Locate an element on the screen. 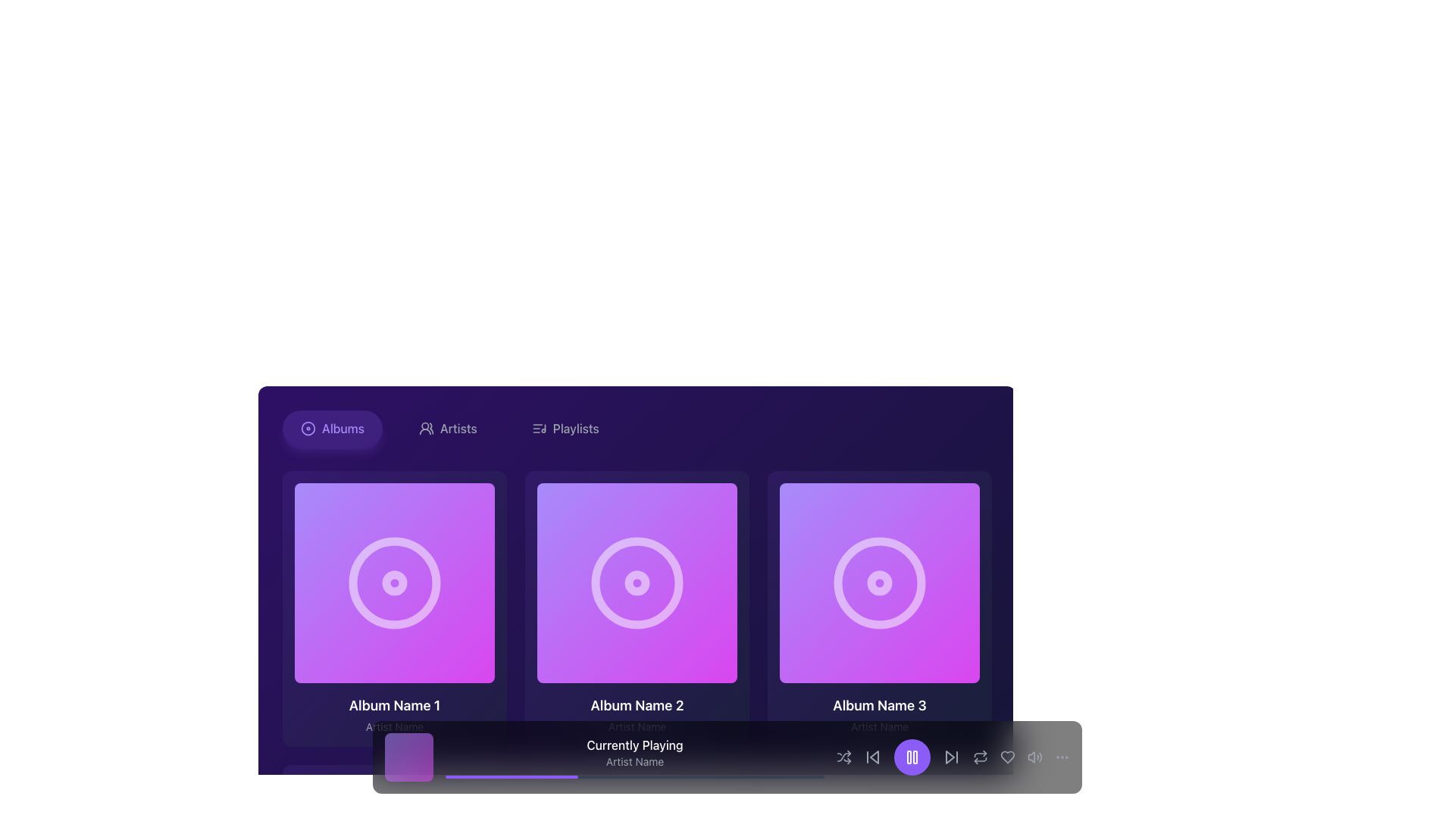 The image size is (1455, 818). the decorative icon for the 'Albums' button located on the left side of the top menu bar by moving the cursor to its center point is located at coordinates (308, 429).